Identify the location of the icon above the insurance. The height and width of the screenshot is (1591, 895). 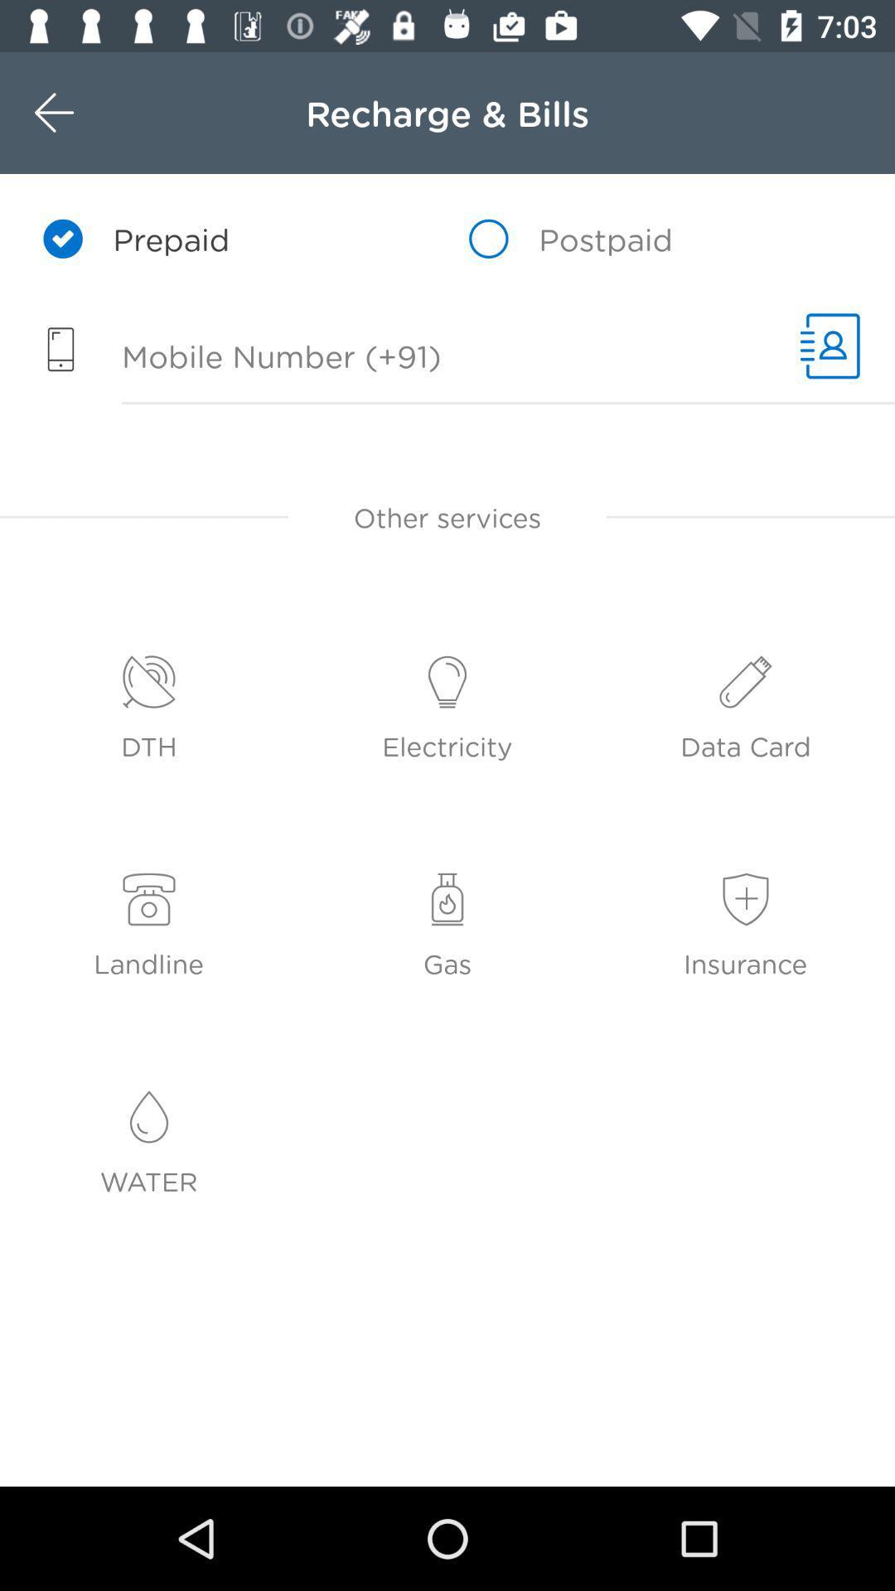
(746, 899).